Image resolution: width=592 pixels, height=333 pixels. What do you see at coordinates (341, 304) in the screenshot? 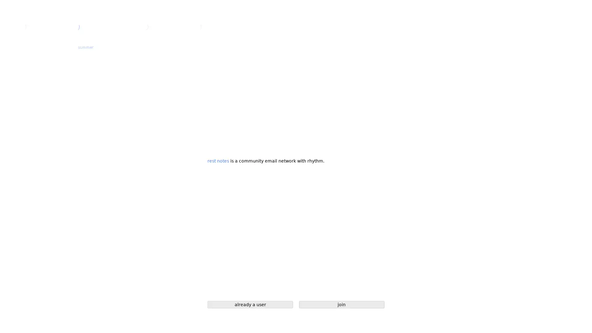
I see `join` at bounding box center [341, 304].